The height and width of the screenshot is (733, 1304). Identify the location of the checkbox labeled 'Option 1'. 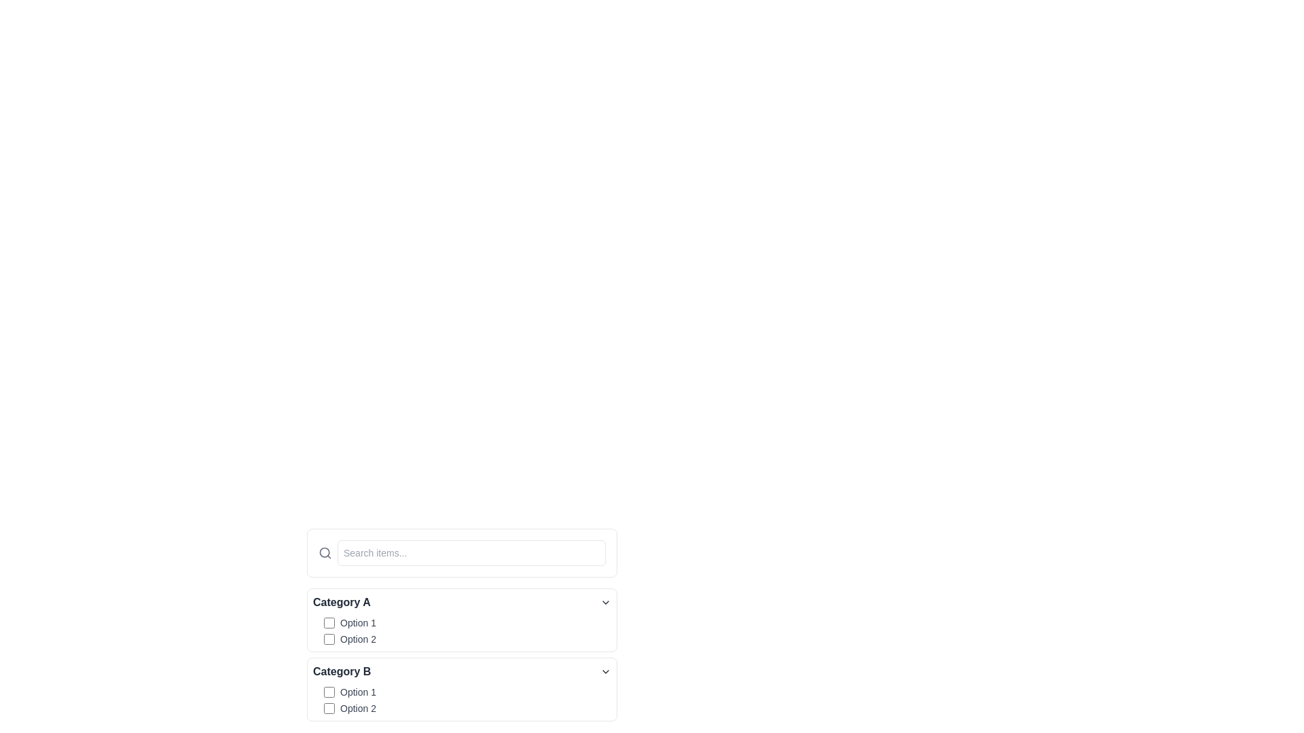
(467, 623).